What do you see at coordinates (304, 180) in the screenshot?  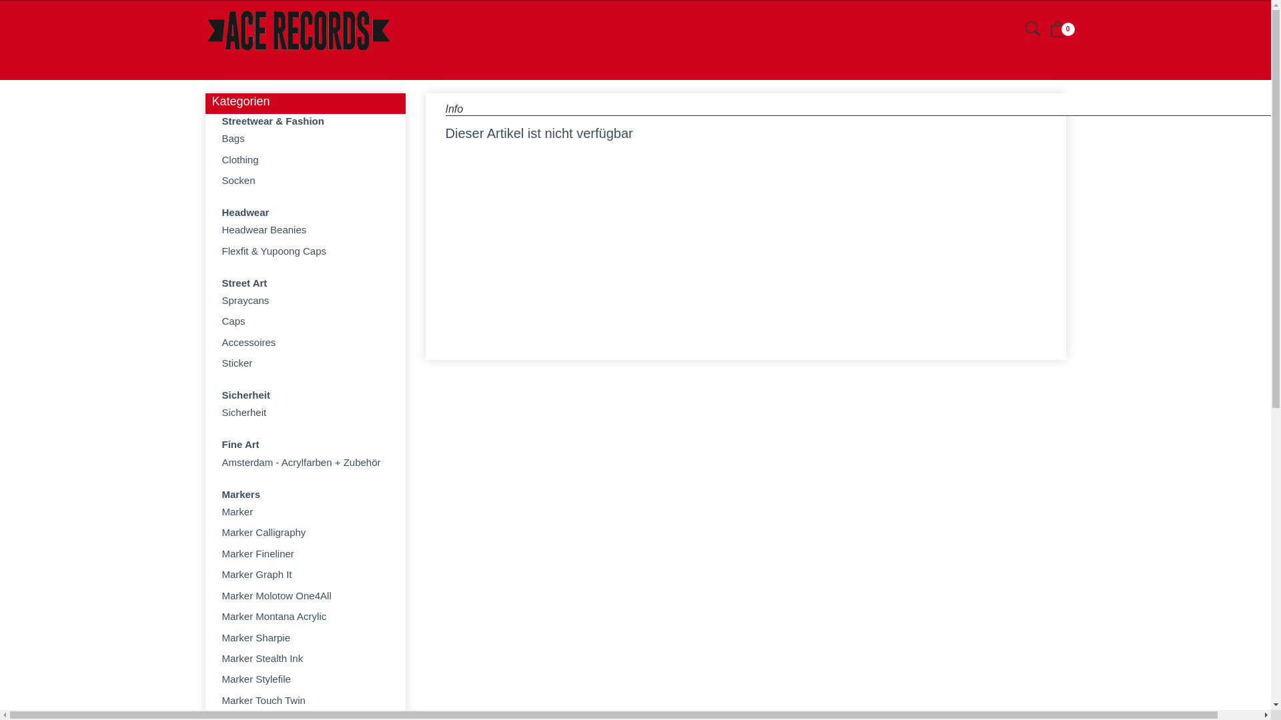 I see `'Socken'` at bounding box center [304, 180].